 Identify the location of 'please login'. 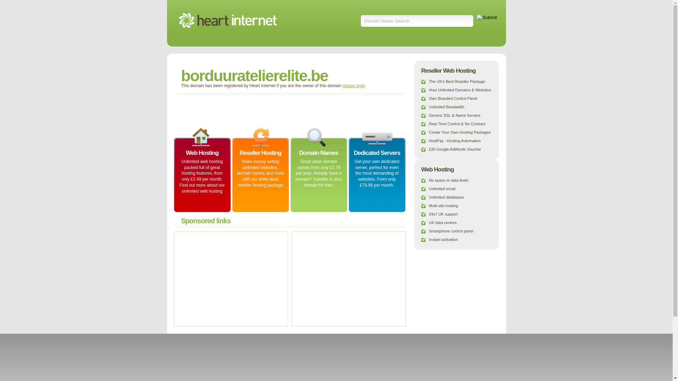
(354, 85).